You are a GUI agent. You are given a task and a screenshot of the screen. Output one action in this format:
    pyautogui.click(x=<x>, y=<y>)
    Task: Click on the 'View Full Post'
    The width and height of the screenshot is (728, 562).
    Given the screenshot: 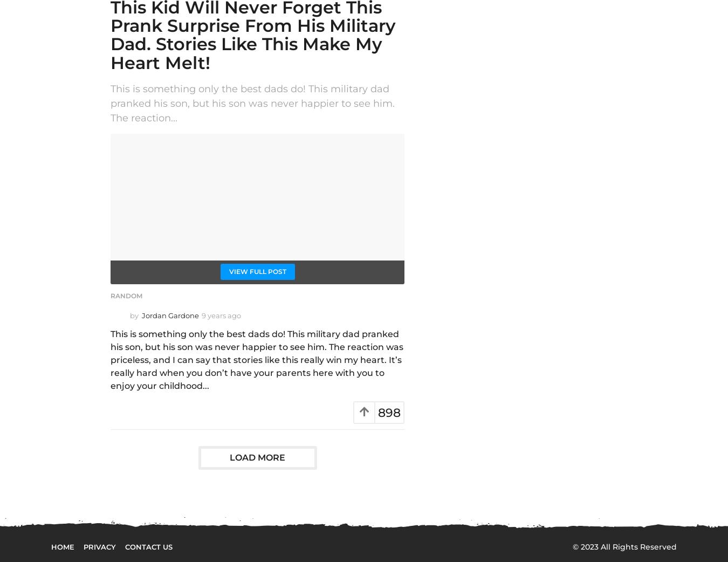 What is the action you would take?
    pyautogui.click(x=229, y=271)
    